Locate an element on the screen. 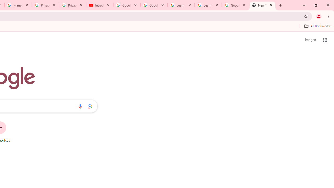 The image size is (334, 188). 'Minimize' is located at coordinates (304, 5).